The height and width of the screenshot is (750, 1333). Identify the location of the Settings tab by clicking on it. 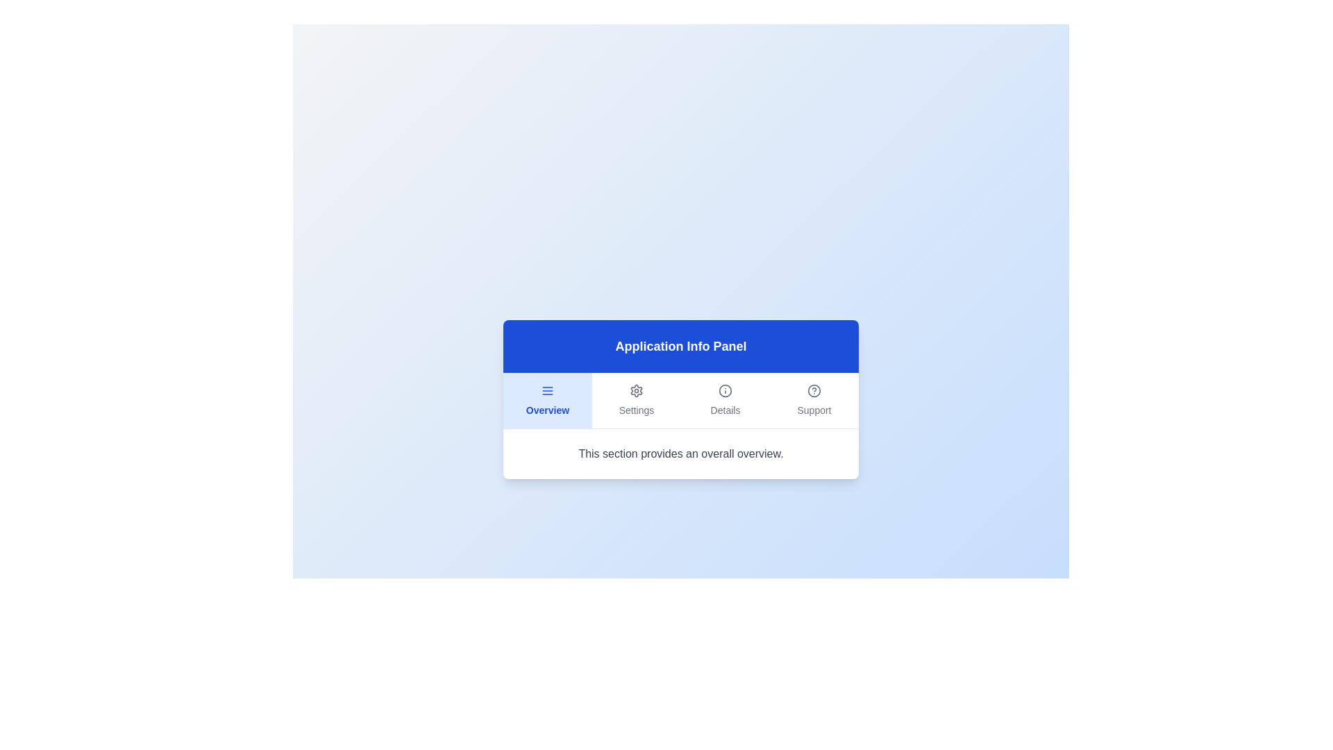
(635, 400).